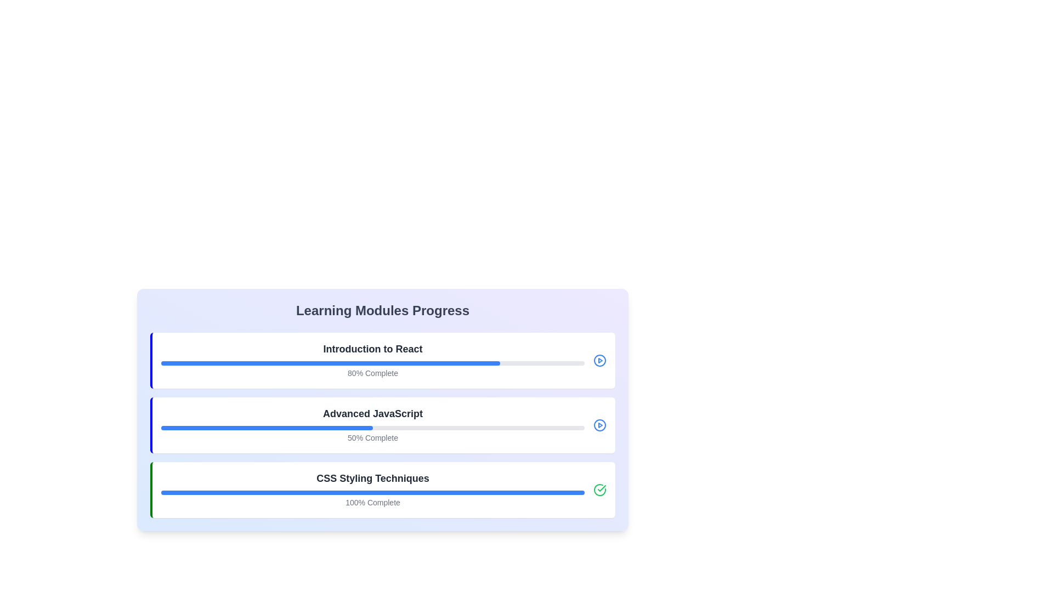 This screenshot has width=1053, height=592. I want to click on the text label displaying 'Introduction to React' in bold and large font, located at the top of the 'Learning Modules Progress' card, above the progress bar, so click(373, 349).